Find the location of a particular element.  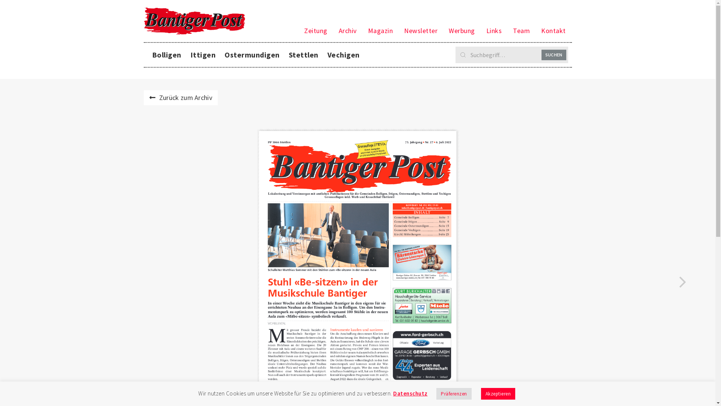

'Newsletter' is located at coordinates (421, 30).